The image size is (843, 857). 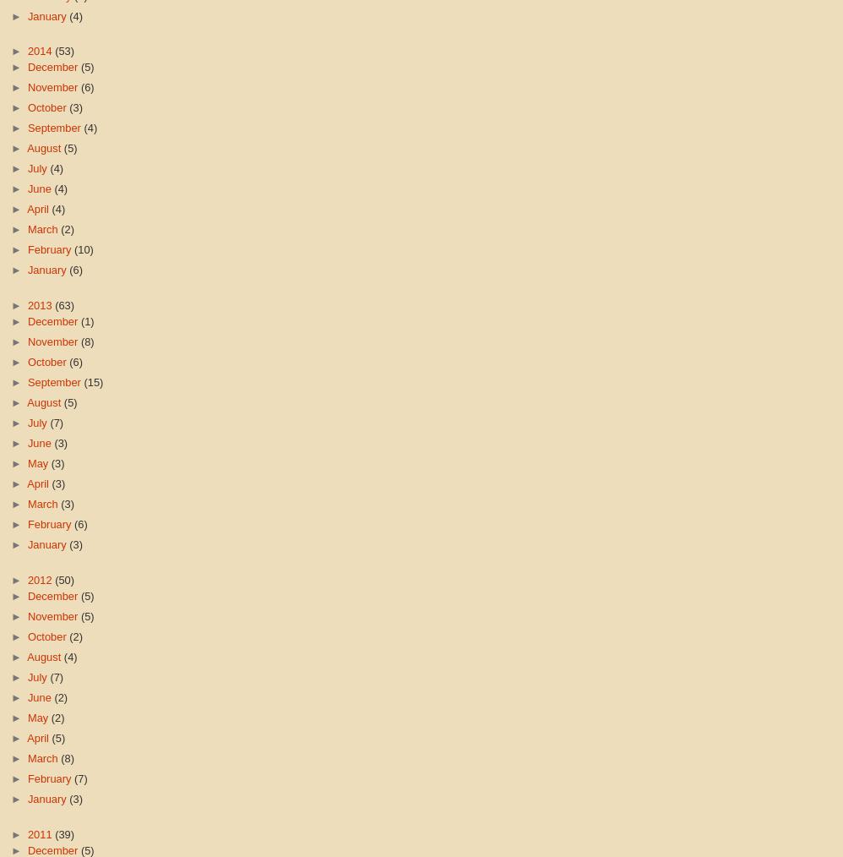 What do you see at coordinates (41, 833) in the screenshot?
I see `'2011'` at bounding box center [41, 833].